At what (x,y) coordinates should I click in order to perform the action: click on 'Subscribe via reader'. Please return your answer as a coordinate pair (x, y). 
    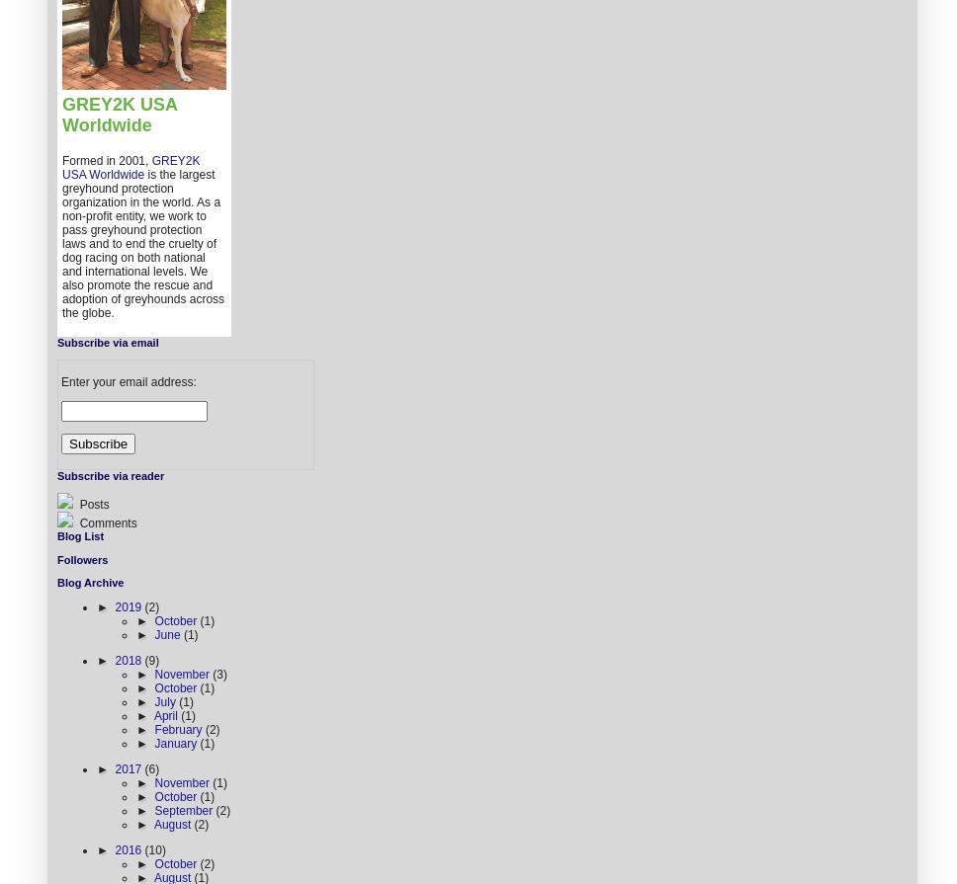
    Looking at the image, I should click on (110, 474).